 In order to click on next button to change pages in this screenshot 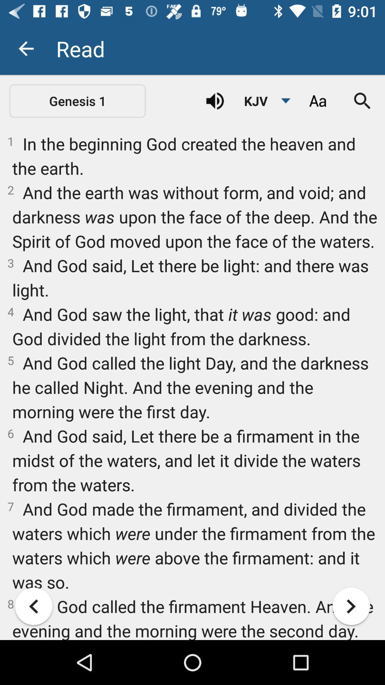, I will do `click(351, 606)`.